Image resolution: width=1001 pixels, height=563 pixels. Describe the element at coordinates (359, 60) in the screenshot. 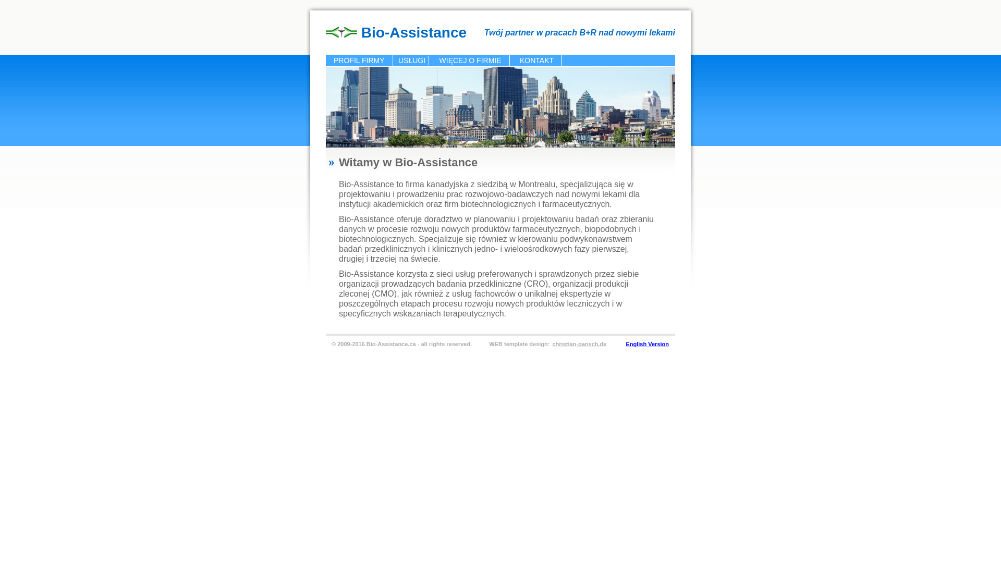

I see `'PROFIL FIRMY'` at that location.